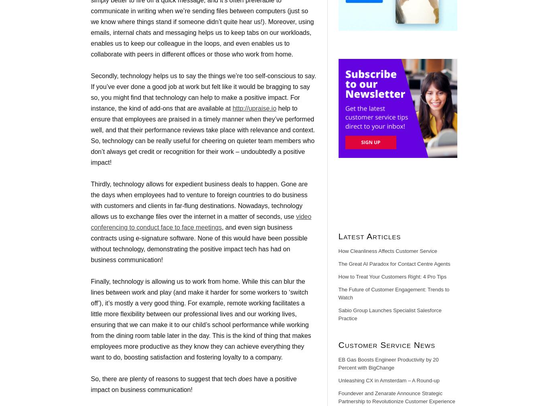 The width and height of the screenshot is (548, 406). What do you see at coordinates (164, 379) in the screenshot?
I see `'So, there are plenty of reasons to suggest that tech'` at bounding box center [164, 379].